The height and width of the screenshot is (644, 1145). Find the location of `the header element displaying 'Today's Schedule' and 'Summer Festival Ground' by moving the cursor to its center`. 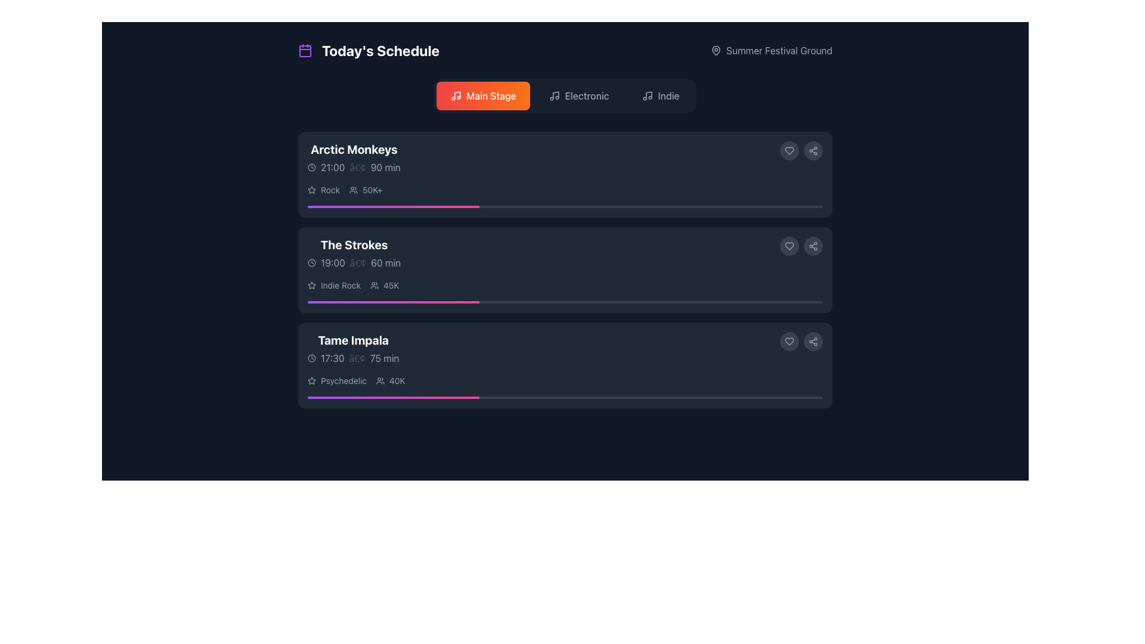

the header element displaying 'Today's Schedule' and 'Summer Festival Ground' by moving the cursor to its center is located at coordinates (565, 49).